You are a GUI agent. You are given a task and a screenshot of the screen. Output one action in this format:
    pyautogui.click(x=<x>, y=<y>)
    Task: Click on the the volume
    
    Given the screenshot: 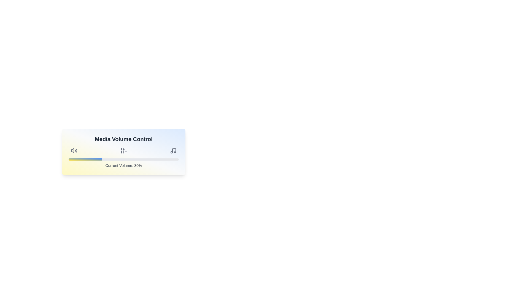 What is the action you would take?
    pyautogui.click(x=139, y=159)
    